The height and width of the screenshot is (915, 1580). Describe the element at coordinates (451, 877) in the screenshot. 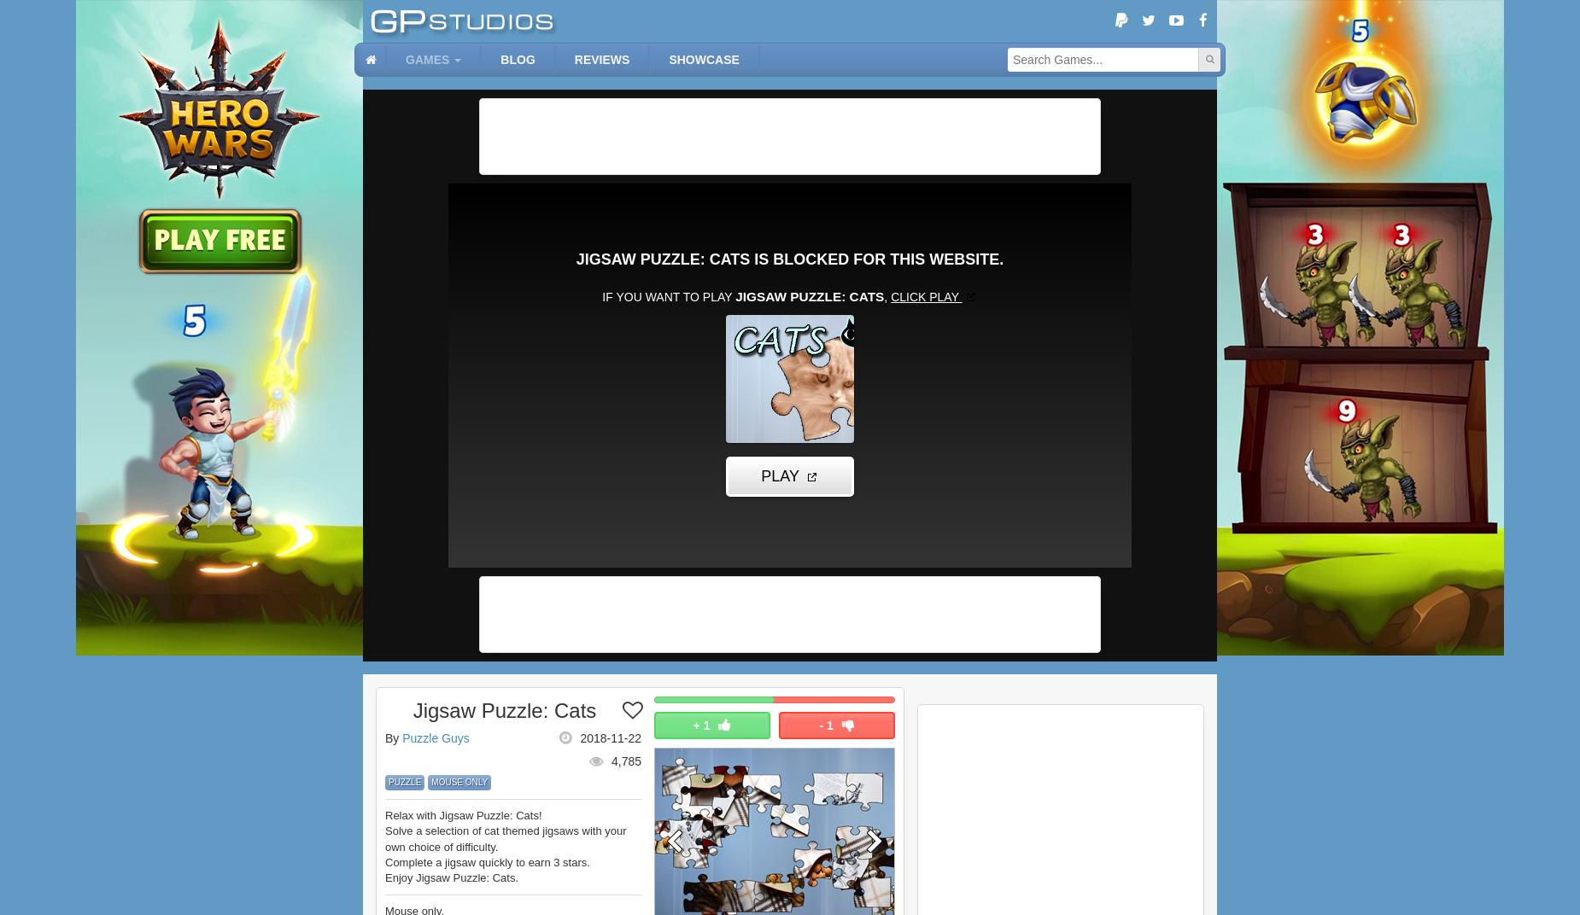

I see `'Enjoy Jigsaw Puzzle: Cats.'` at that location.